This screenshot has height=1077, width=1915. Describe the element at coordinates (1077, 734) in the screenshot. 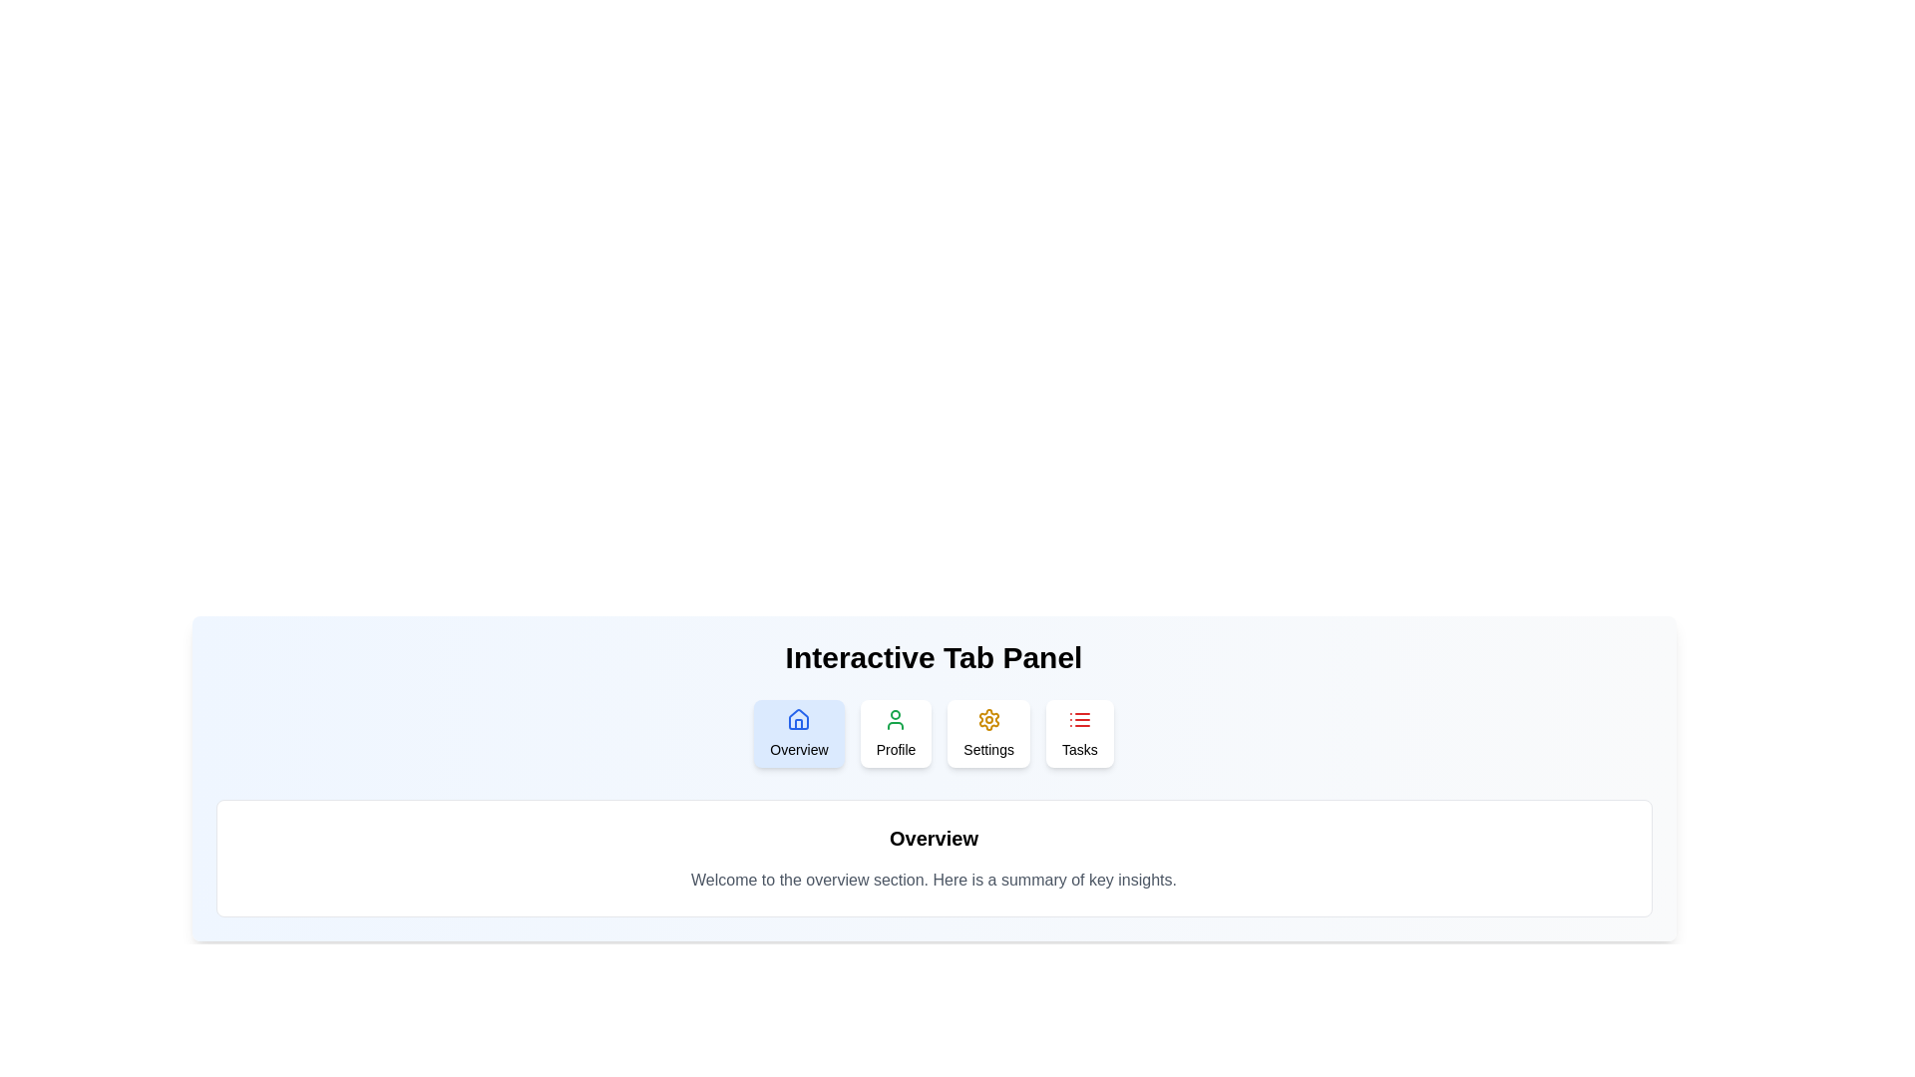

I see `the Tasks tab to observe the transition and content change` at that location.